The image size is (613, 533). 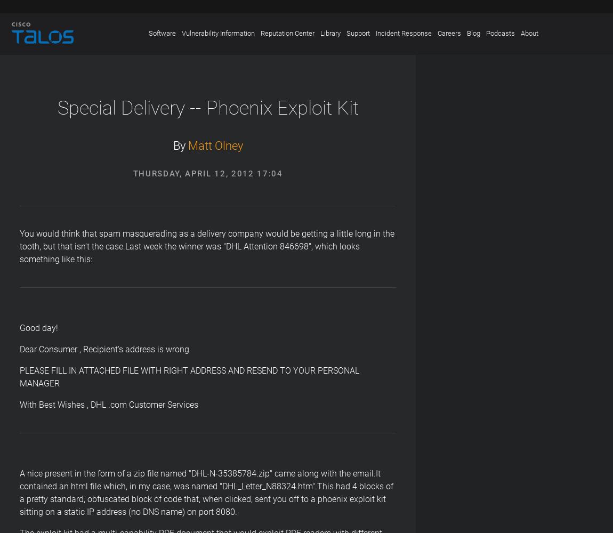 I want to click on 'Special Delivery -- Phoenix Exploit Kit', so click(x=207, y=108).